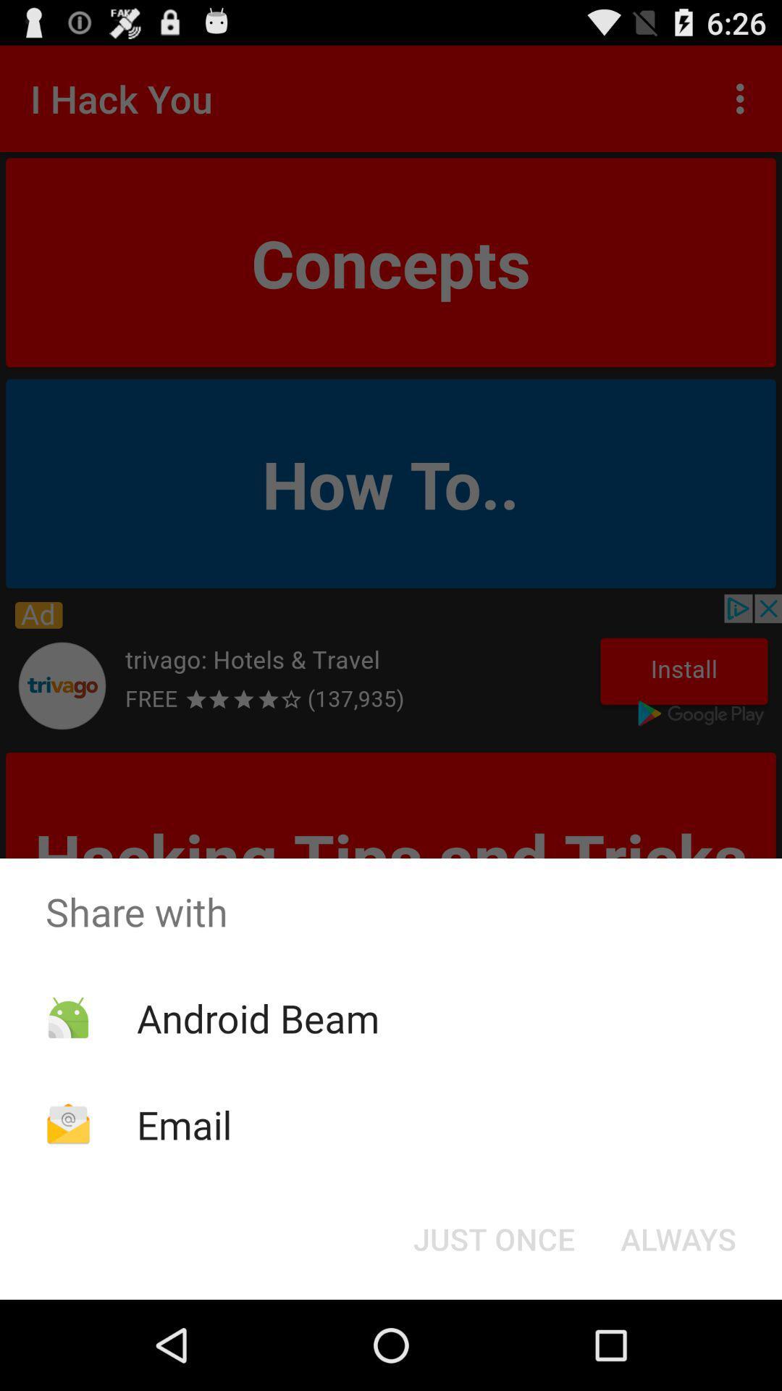 Image resolution: width=782 pixels, height=1391 pixels. Describe the element at coordinates (678, 1237) in the screenshot. I see `the icon below the share with app` at that location.